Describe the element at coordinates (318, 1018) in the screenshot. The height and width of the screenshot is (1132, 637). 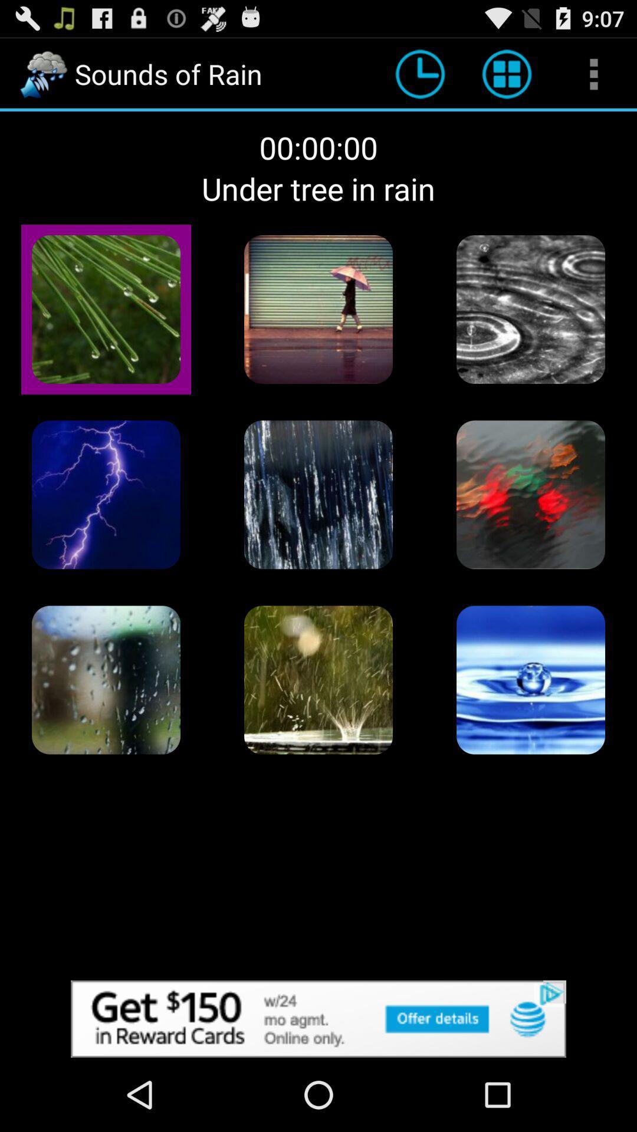
I see `site` at that location.